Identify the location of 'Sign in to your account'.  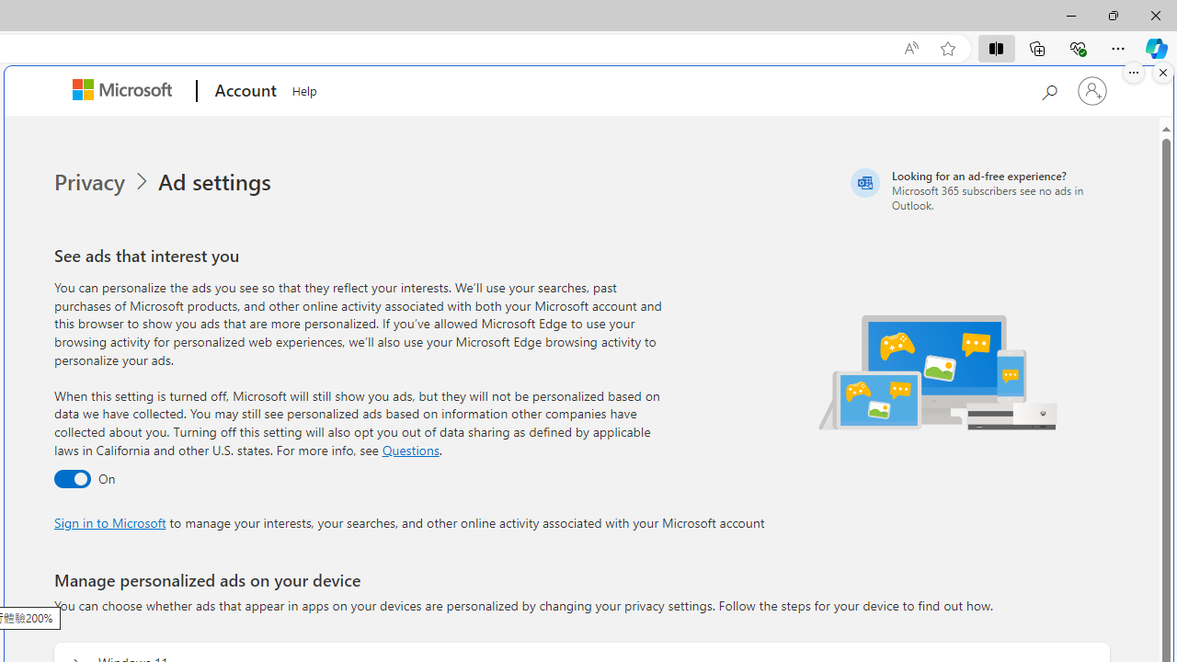
(1092, 91).